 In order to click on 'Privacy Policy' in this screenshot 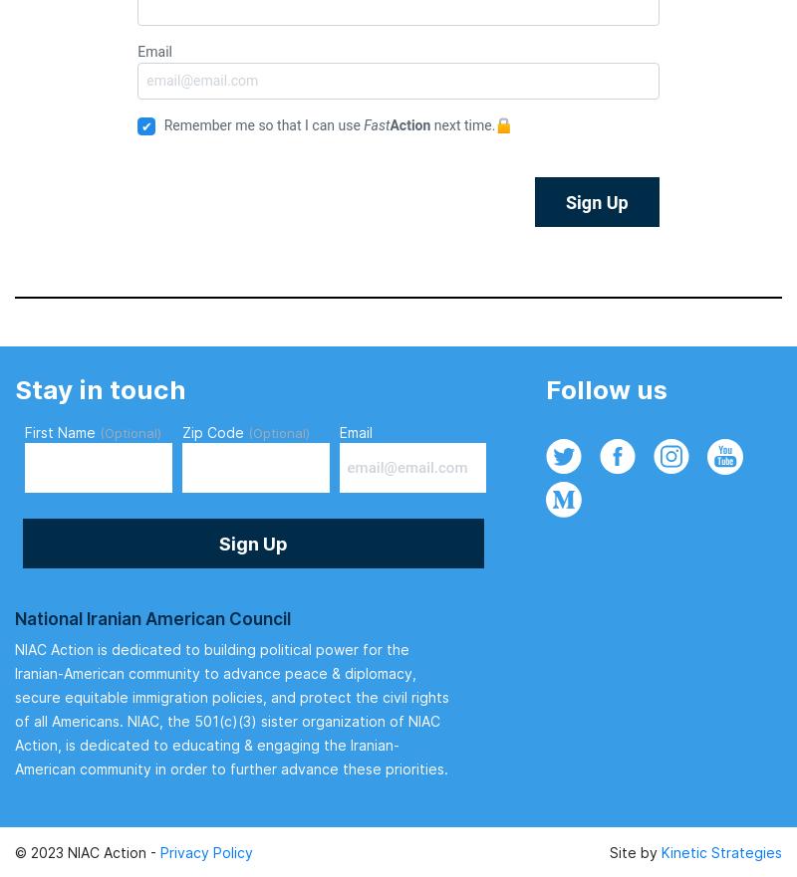, I will do `click(206, 851)`.